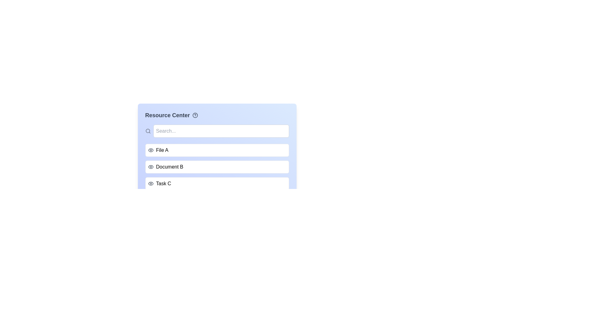 This screenshot has width=595, height=334. I want to click on the eye icon representing the view feature next to 'Document B', so click(151, 167).